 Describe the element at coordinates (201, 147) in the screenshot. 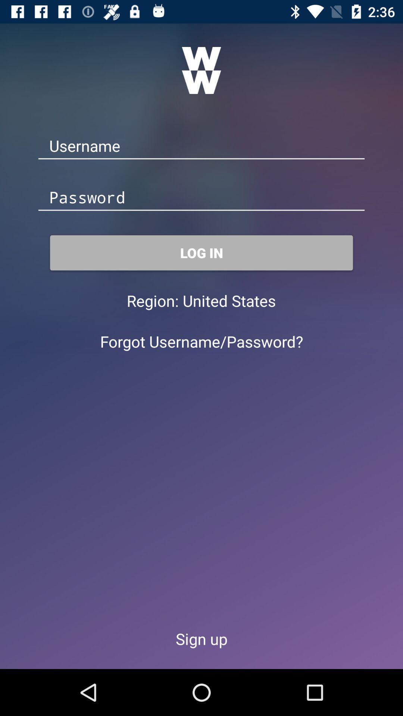

I see `write username` at that location.